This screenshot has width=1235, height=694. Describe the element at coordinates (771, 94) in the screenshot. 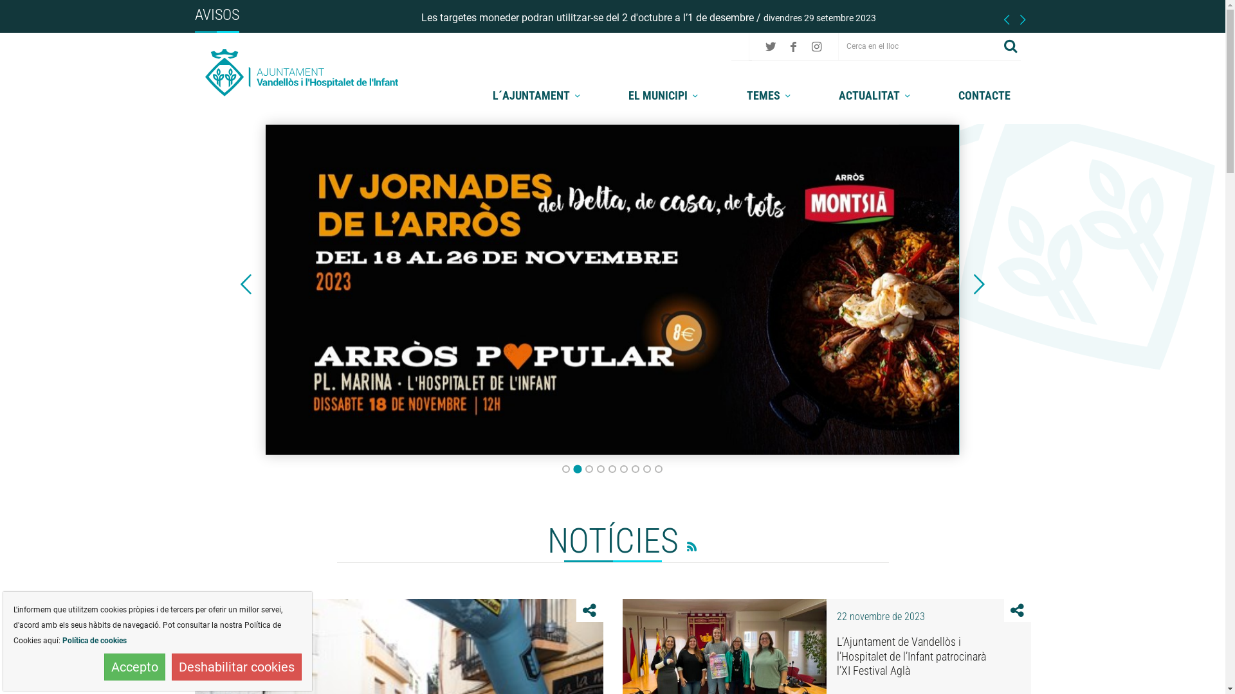

I see `'TEMES'` at that location.